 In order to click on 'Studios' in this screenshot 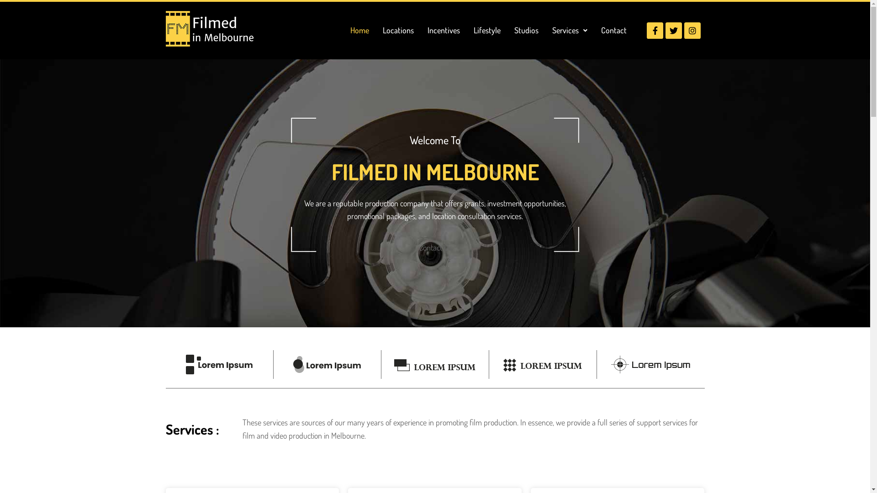, I will do `click(526, 30)`.